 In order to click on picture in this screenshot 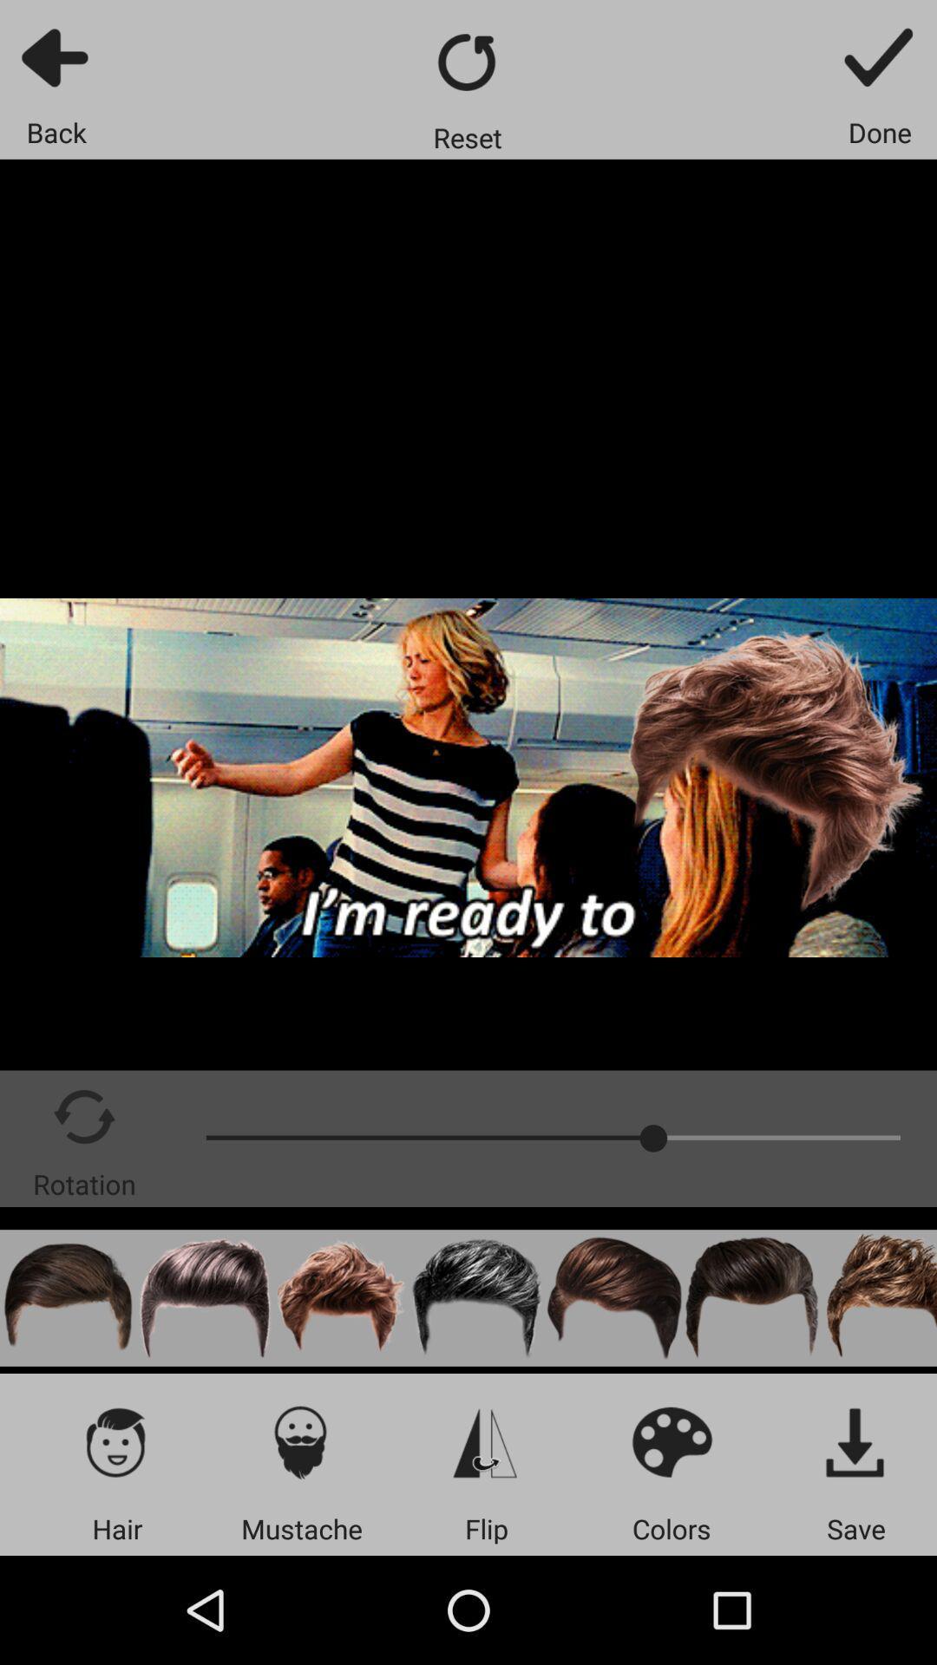, I will do `click(204, 1298)`.